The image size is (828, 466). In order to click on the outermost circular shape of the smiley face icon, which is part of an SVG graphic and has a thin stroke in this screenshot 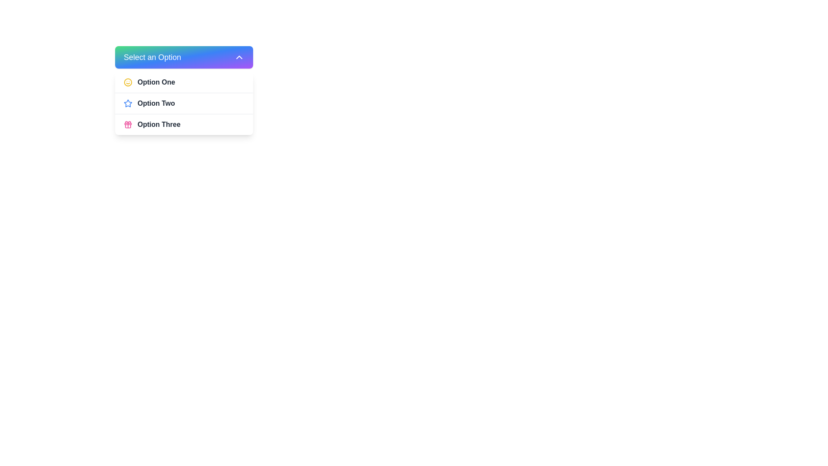, I will do `click(128, 82)`.